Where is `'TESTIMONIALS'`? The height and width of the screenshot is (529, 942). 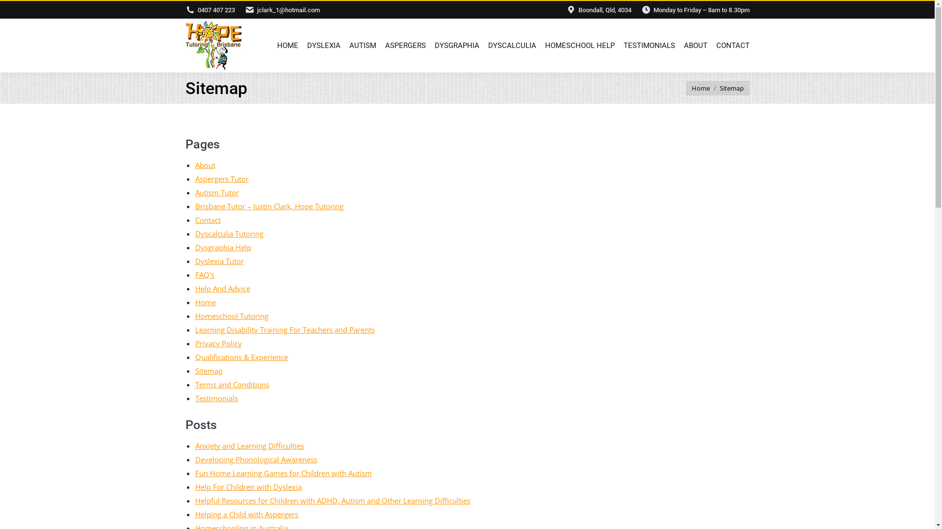
'TESTIMONIALS' is located at coordinates (619, 45).